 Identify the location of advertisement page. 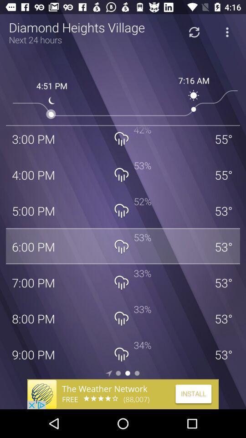
(123, 394).